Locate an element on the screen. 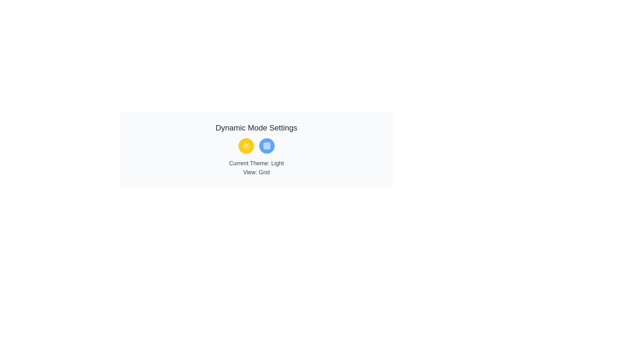  the Text Label that indicates the current view mode, which is currently set to 'Grid', located below the 'Current Theme: Light' label is located at coordinates (256, 172).